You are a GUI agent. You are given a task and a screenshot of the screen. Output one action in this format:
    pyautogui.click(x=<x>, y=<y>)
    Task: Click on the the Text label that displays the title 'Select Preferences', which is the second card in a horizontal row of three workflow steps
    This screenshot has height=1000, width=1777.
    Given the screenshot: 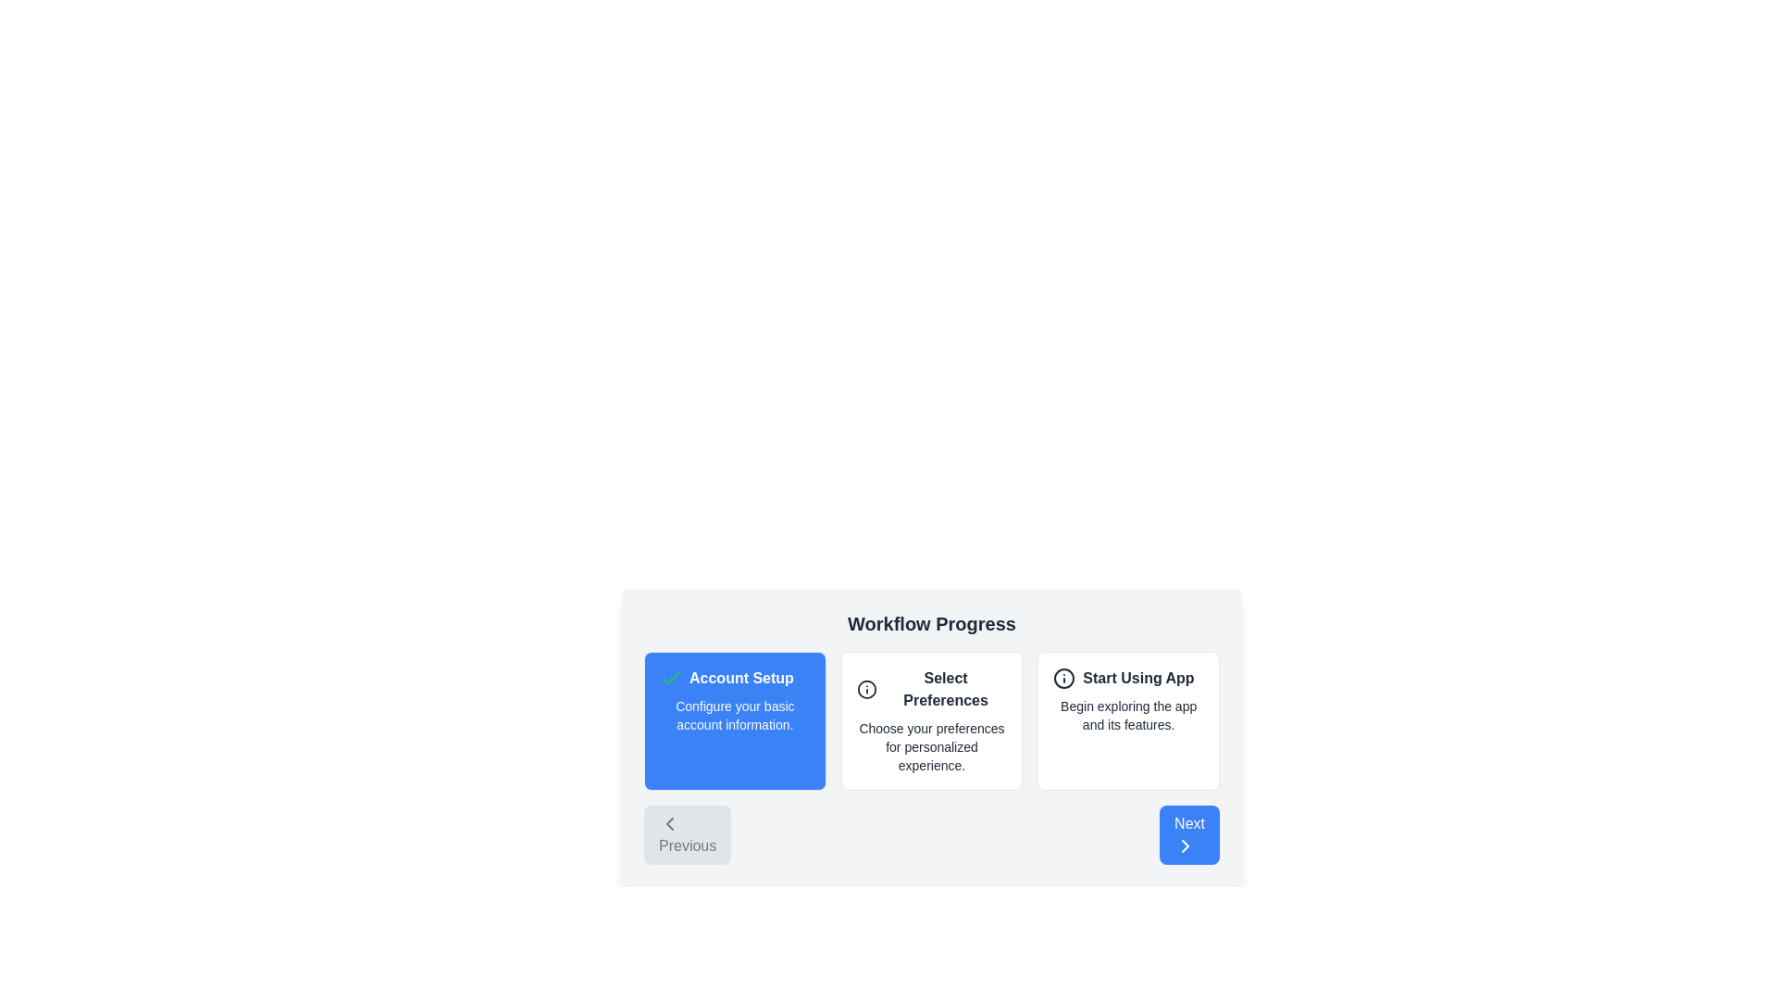 What is the action you would take?
    pyautogui.click(x=946, y=689)
    